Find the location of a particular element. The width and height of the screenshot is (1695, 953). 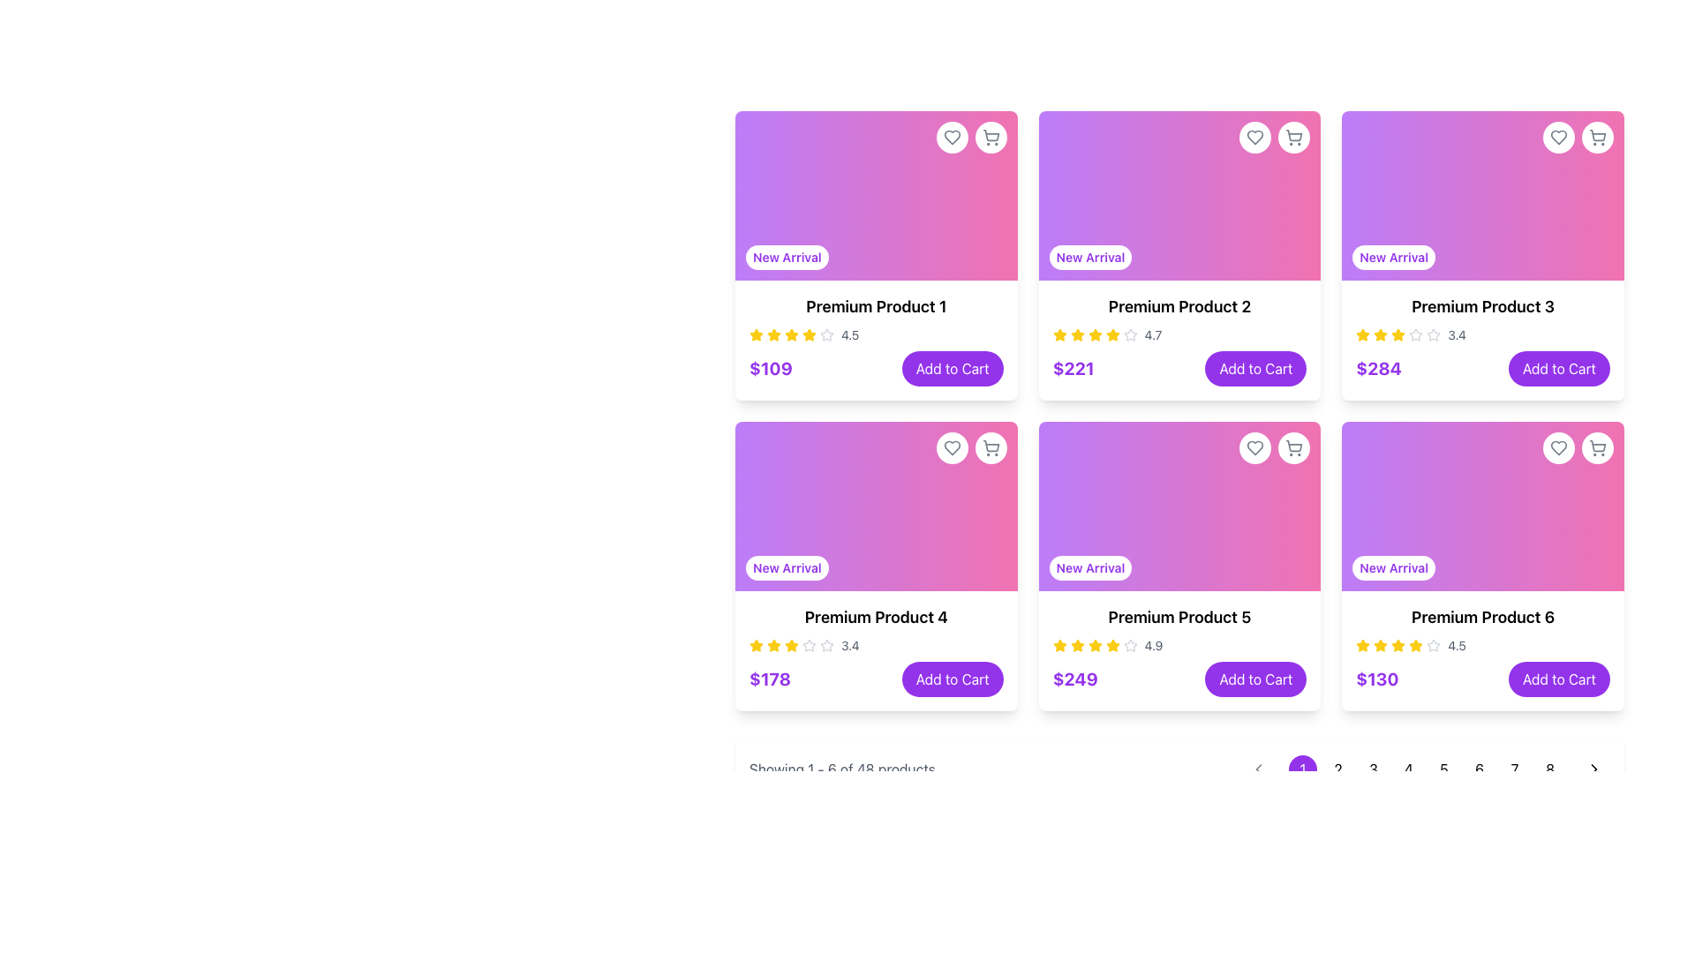

the fifth product card is located at coordinates (1179, 566).